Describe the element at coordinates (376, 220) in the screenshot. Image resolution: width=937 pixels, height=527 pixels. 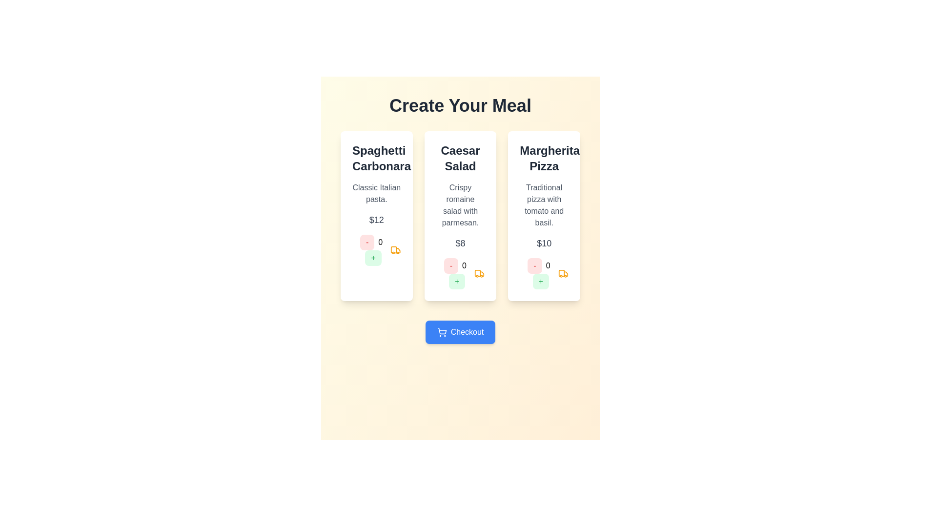
I see `the price label displaying '$12' which is styled in a medium-large font and dark gray color, located within a card layout beneath the description text 'Classic Italian pasta.'` at that location.